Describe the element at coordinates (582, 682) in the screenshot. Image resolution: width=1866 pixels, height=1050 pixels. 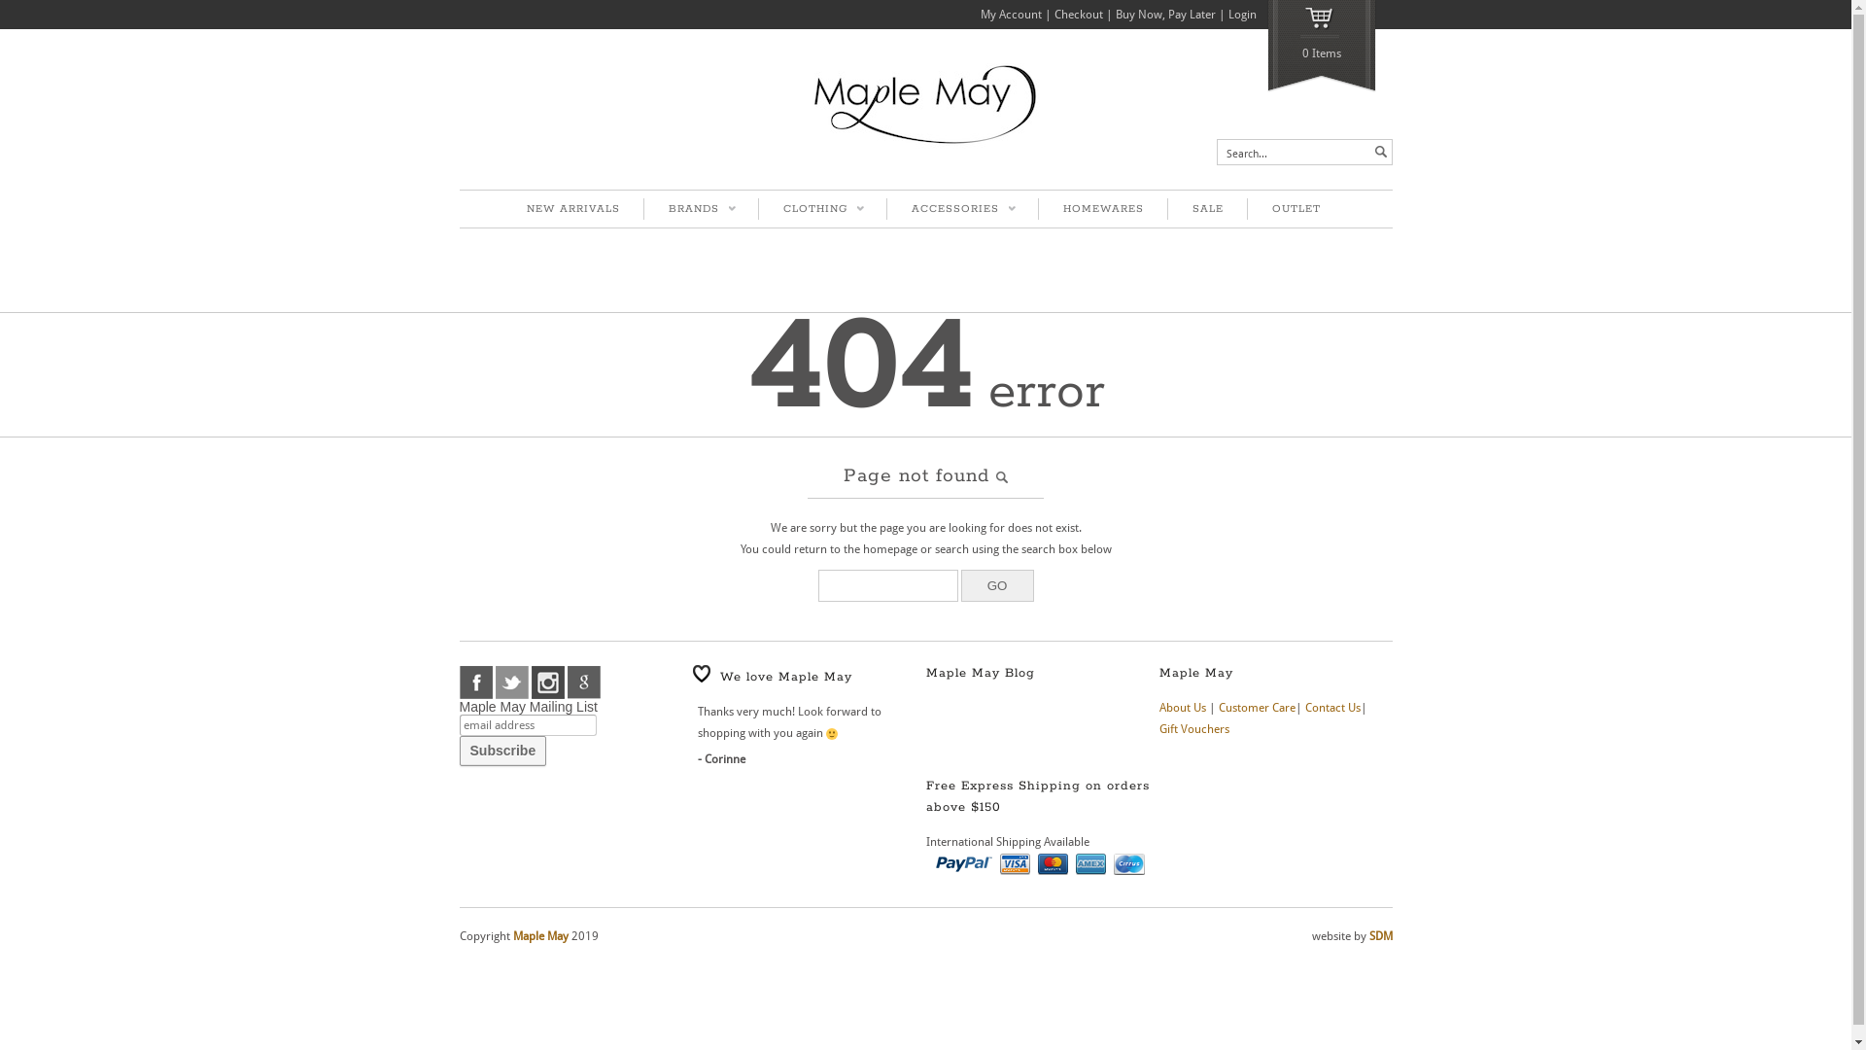
I see `'google'` at that location.